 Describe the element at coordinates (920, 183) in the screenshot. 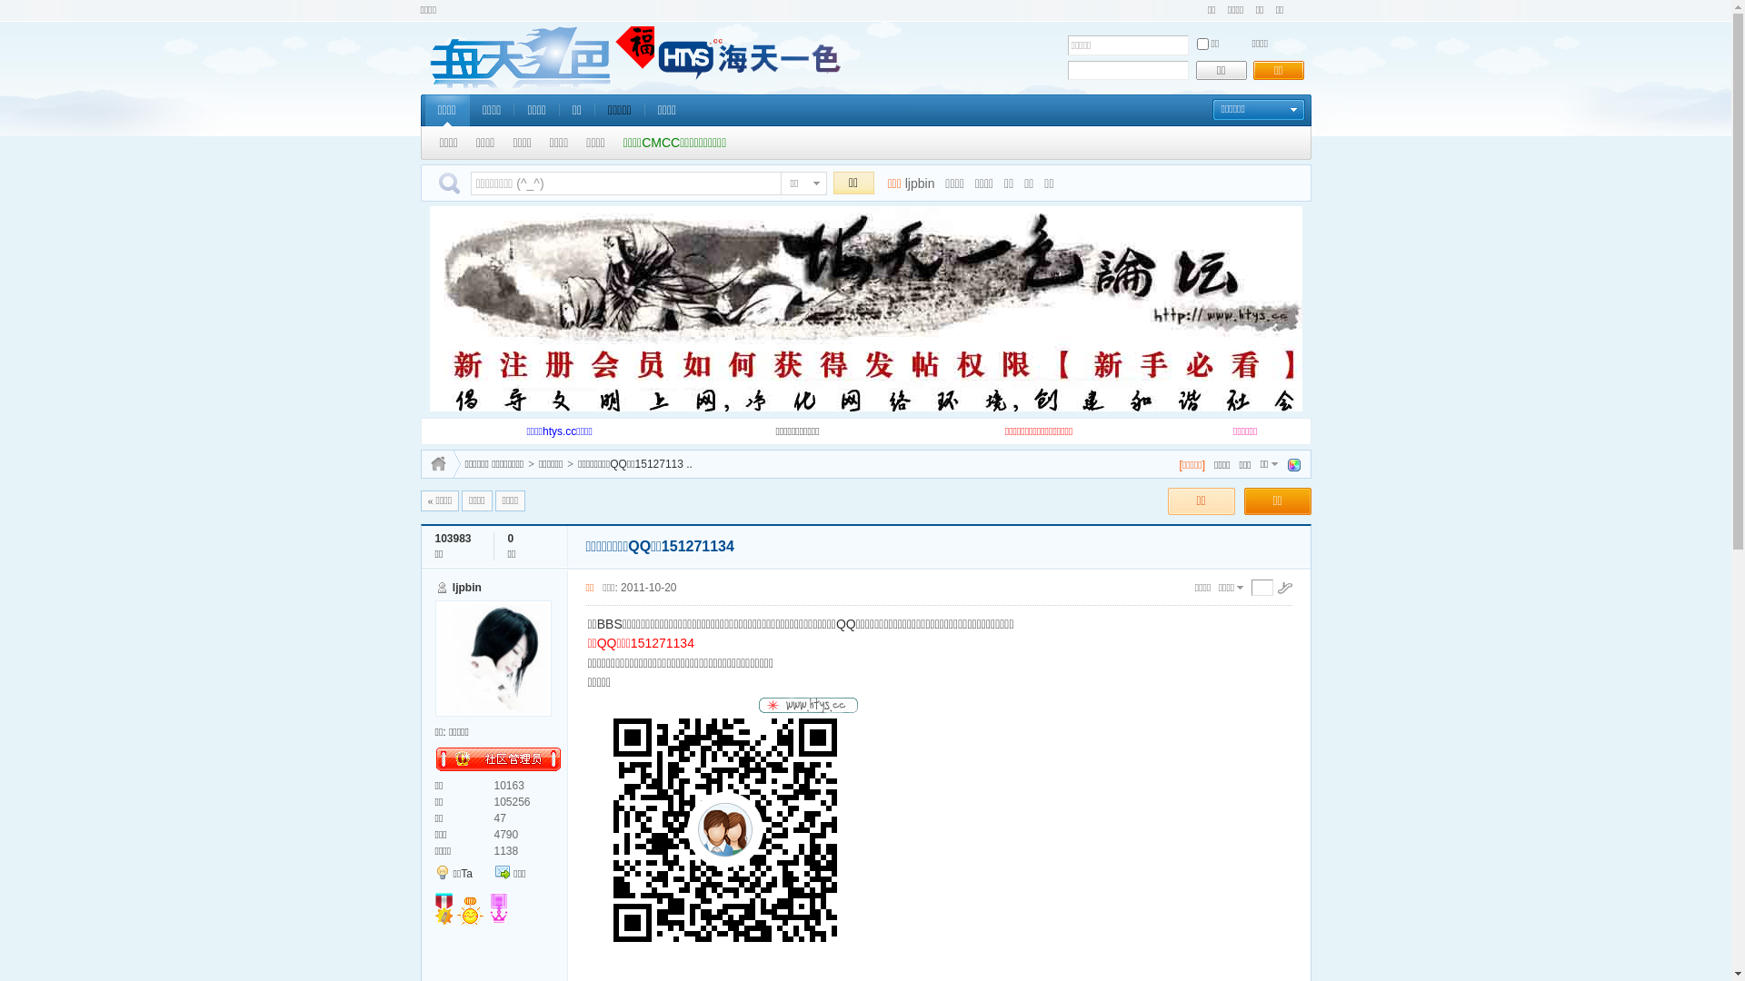

I see `'ljpbin'` at that location.